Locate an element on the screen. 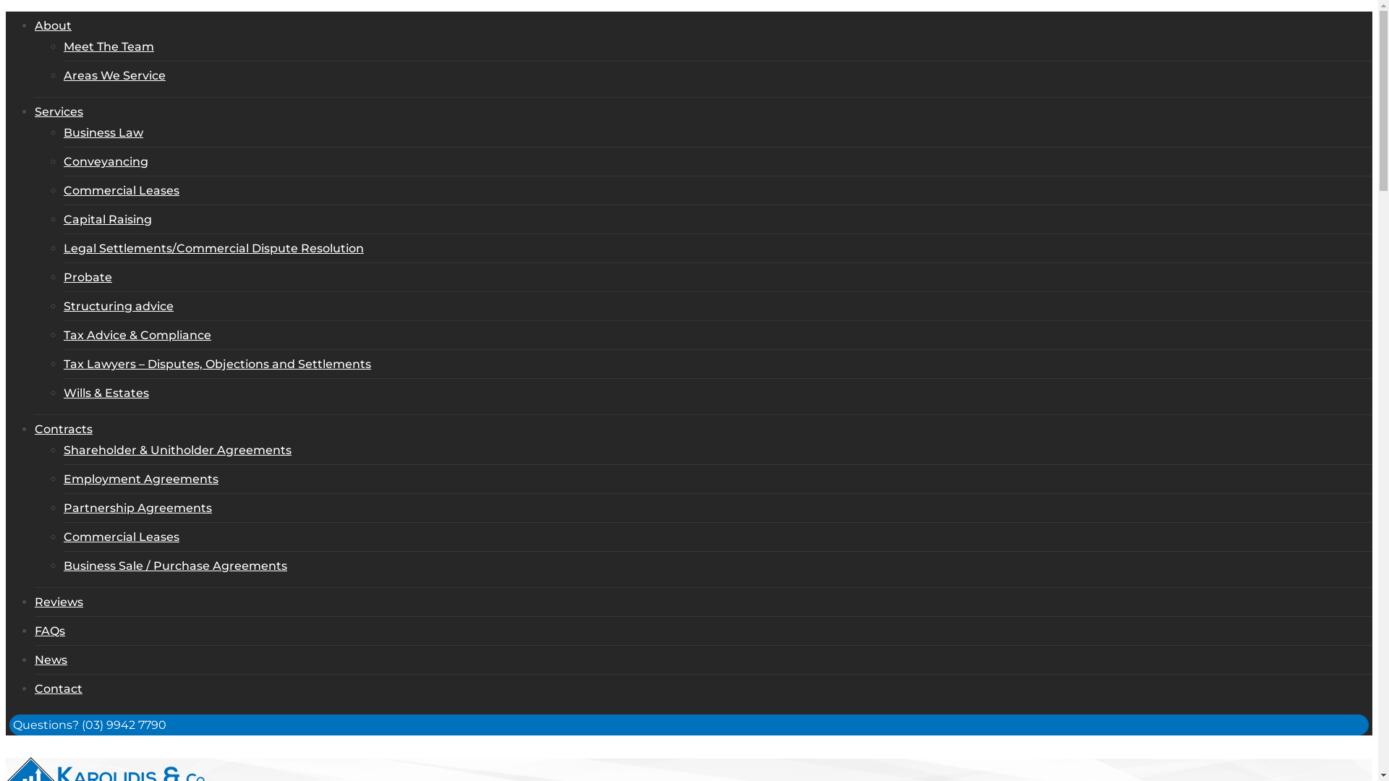 The height and width of the screenshot is (781, 1389). 'Contact' is located at coordinates (58, 688).